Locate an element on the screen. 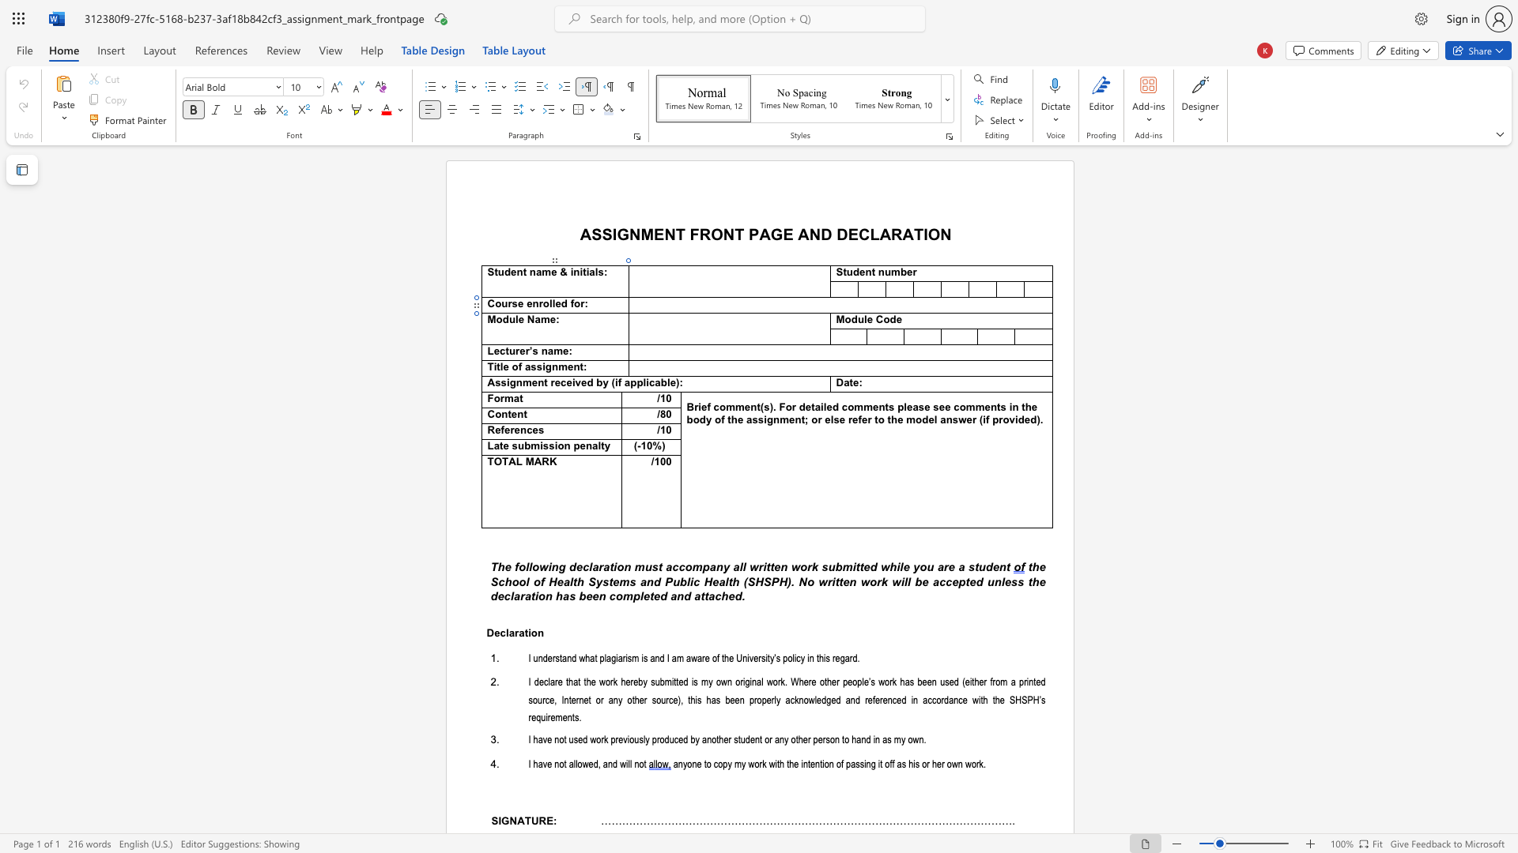  the space between the continuous character "m" and "e" in the text is located at coordinates (531, 383).